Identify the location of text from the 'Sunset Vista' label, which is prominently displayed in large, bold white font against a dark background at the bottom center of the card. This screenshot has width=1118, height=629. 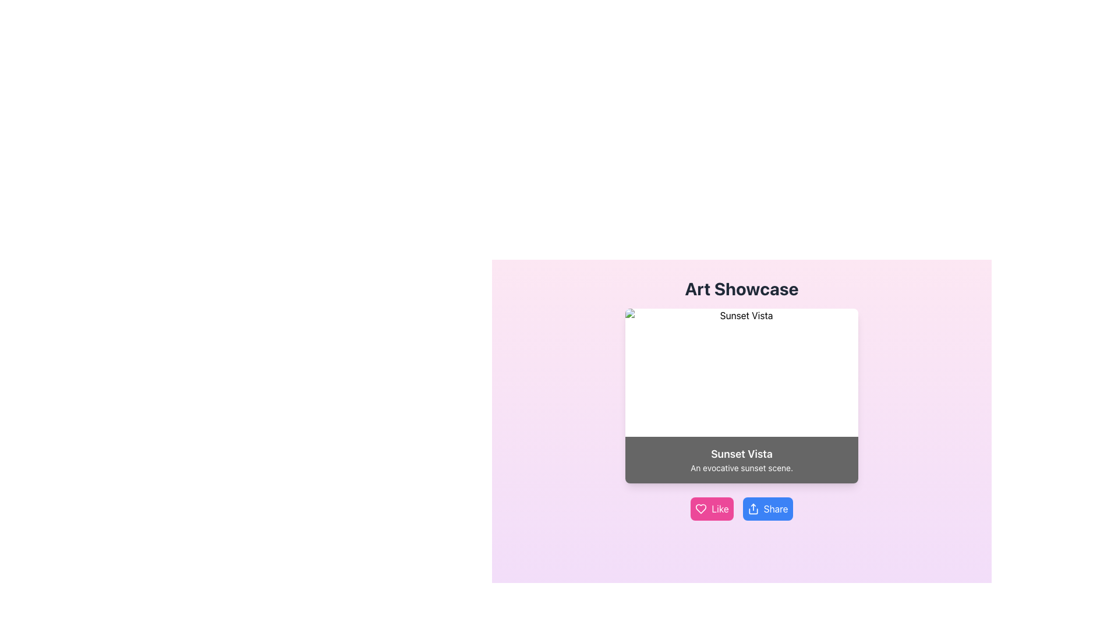
(741, 453).